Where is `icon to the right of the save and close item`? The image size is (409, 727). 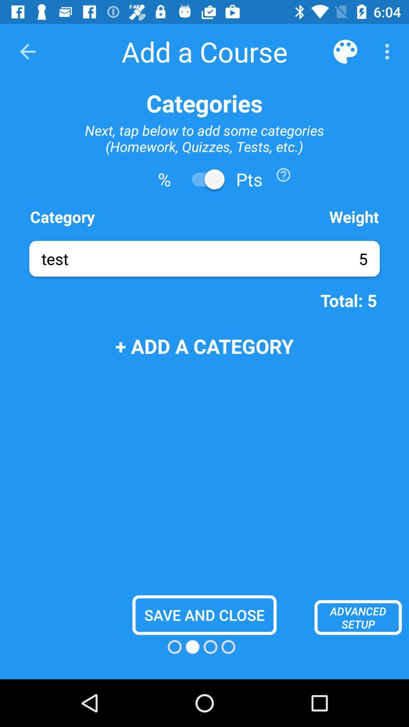 icon to the right of the save and close item is located at coordinates (358, 617).